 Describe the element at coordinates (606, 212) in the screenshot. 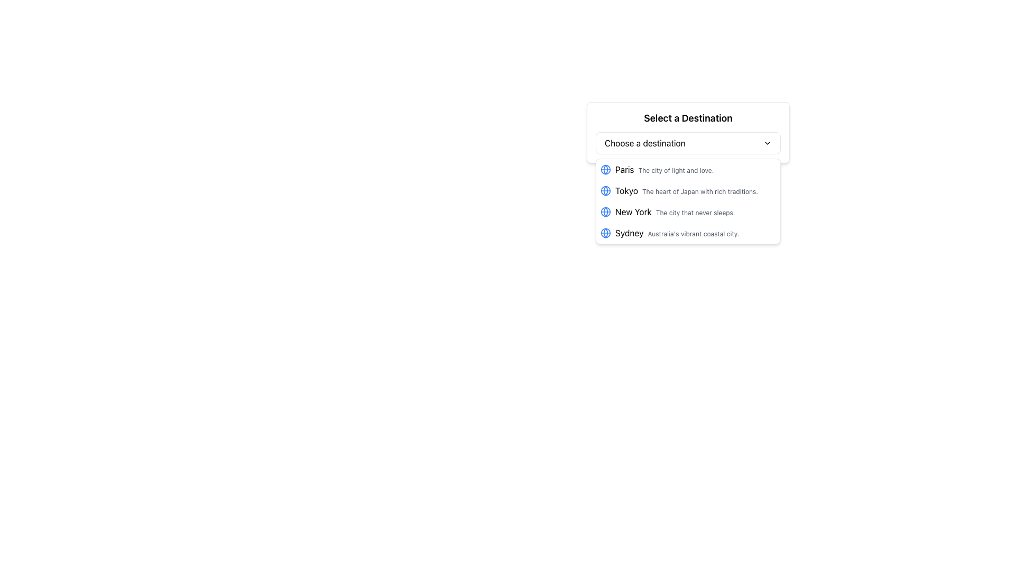

I see `the icon representing New York, which is located in the third row, immediately to the left of the text 'New York The city that never sleeps.'` at that location.